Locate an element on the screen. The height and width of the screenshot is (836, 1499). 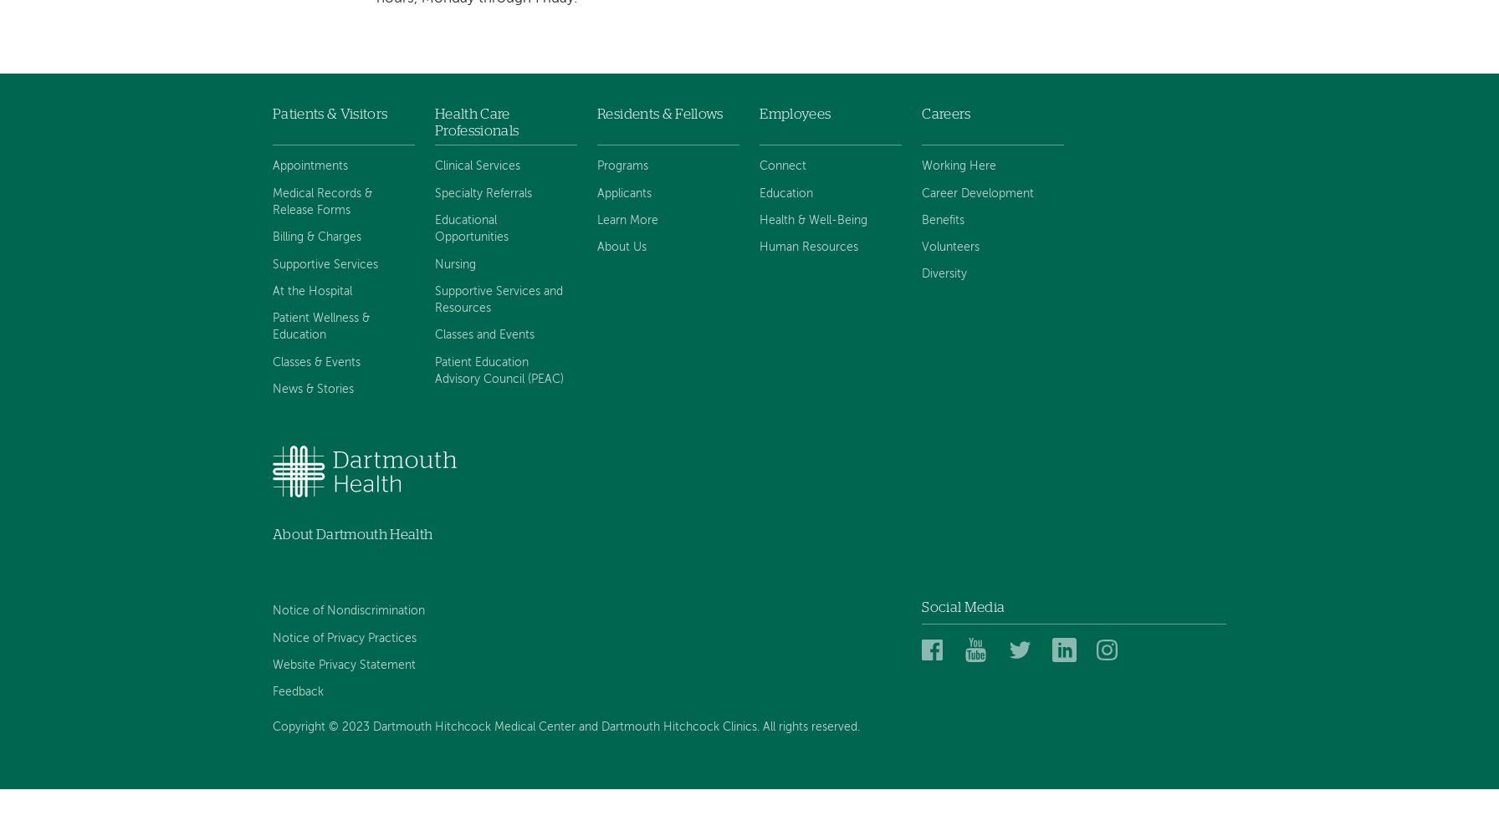
'Medical Records & Release Forms' is located at coordinates (322, 201).